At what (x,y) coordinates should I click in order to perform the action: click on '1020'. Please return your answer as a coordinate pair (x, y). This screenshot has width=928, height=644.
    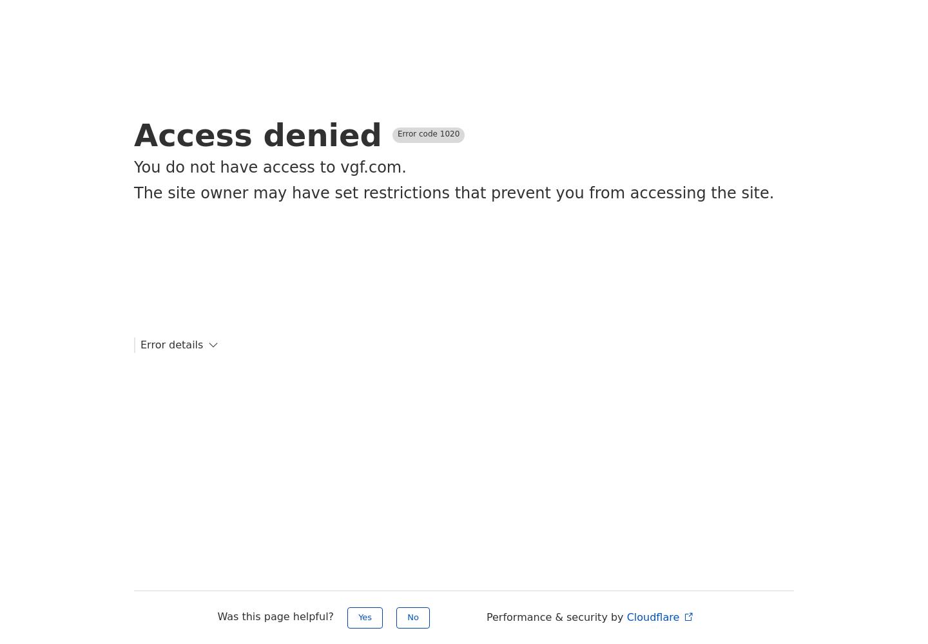
    Looking at the image, I should click on (449, 133).